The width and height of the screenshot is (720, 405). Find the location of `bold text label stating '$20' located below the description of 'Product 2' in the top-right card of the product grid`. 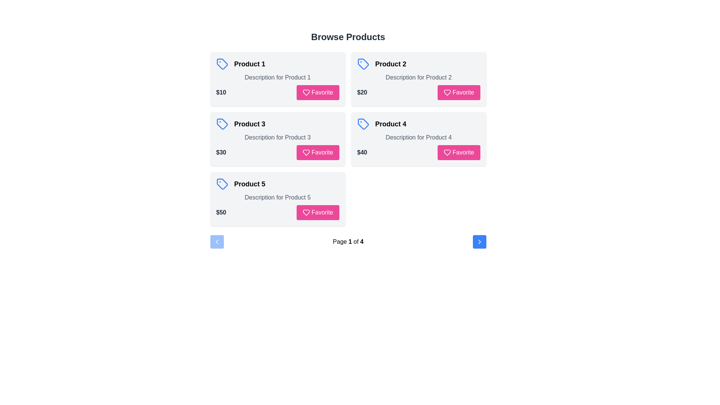

bold text label stating '$20' located below the description of 'Product 2' in the top-right card of the product grid is located at coordinates (362, 92).